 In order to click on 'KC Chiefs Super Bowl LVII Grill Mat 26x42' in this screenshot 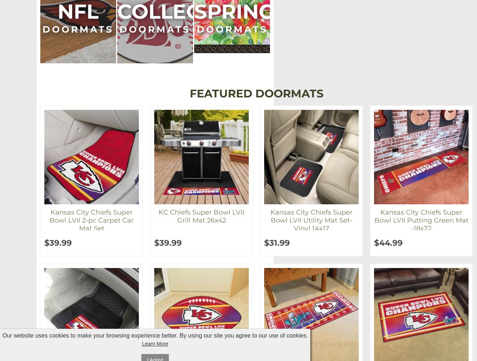, I will do `click(201, 216)`.